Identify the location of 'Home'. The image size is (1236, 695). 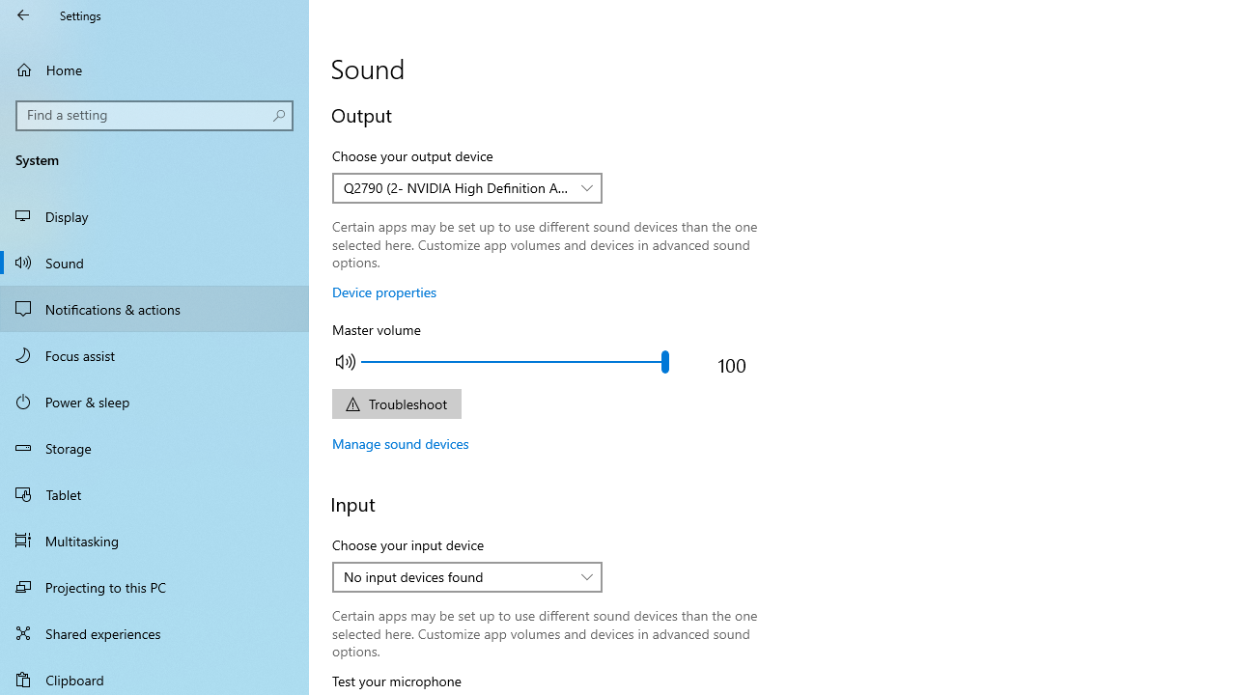
(154, 69).